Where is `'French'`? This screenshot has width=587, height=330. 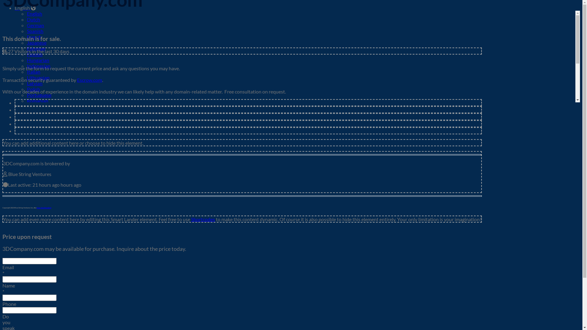
'French' is located at coordinates (34, 37).